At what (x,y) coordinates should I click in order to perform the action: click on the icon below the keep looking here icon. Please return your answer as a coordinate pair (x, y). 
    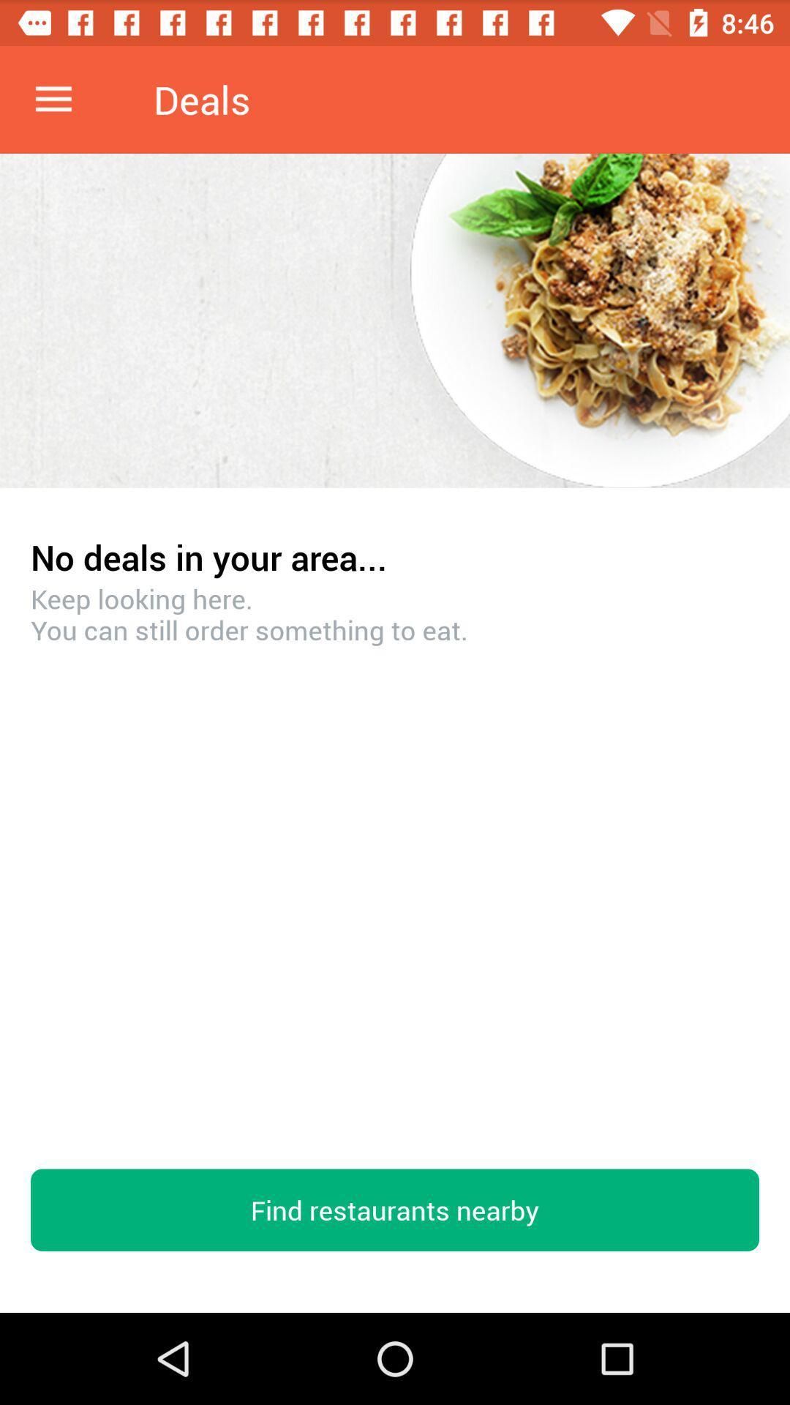
    Looking at the image, I should click on (395, 1210).